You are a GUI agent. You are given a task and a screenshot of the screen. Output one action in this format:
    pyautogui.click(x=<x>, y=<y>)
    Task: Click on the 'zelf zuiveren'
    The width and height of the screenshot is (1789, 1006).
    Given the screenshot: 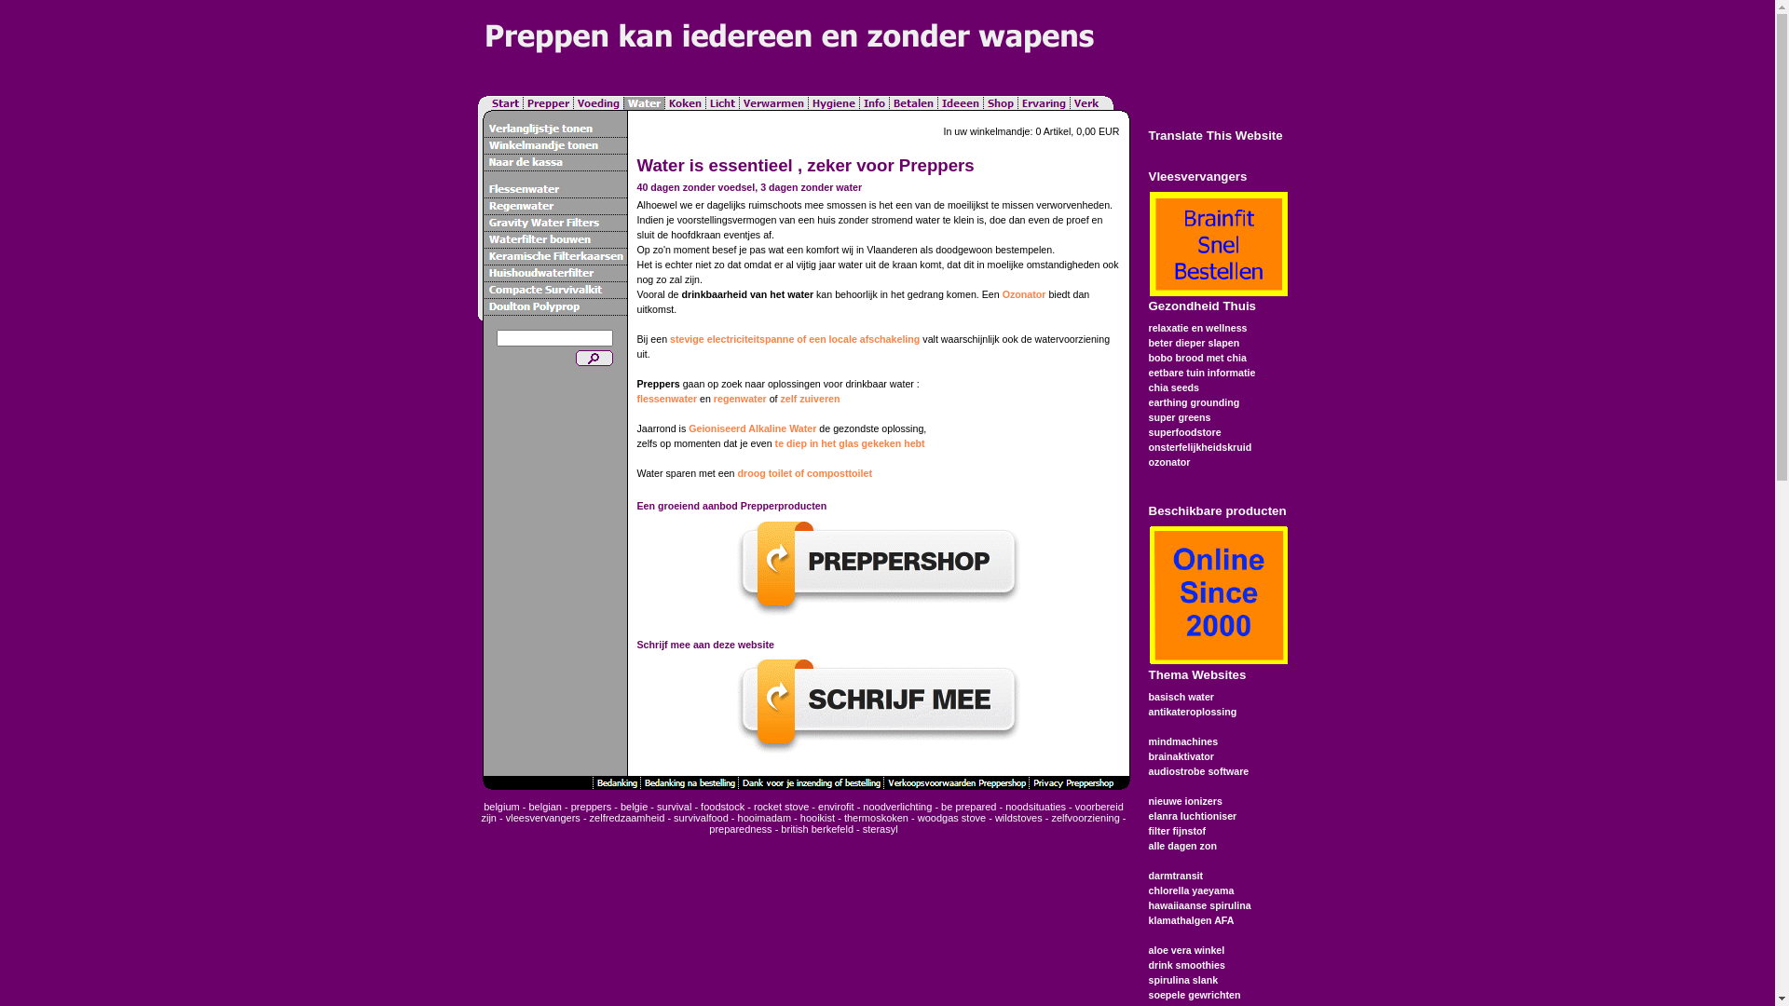 What is the action you would take?
    pyautogui.click(x=781, y=398)
    